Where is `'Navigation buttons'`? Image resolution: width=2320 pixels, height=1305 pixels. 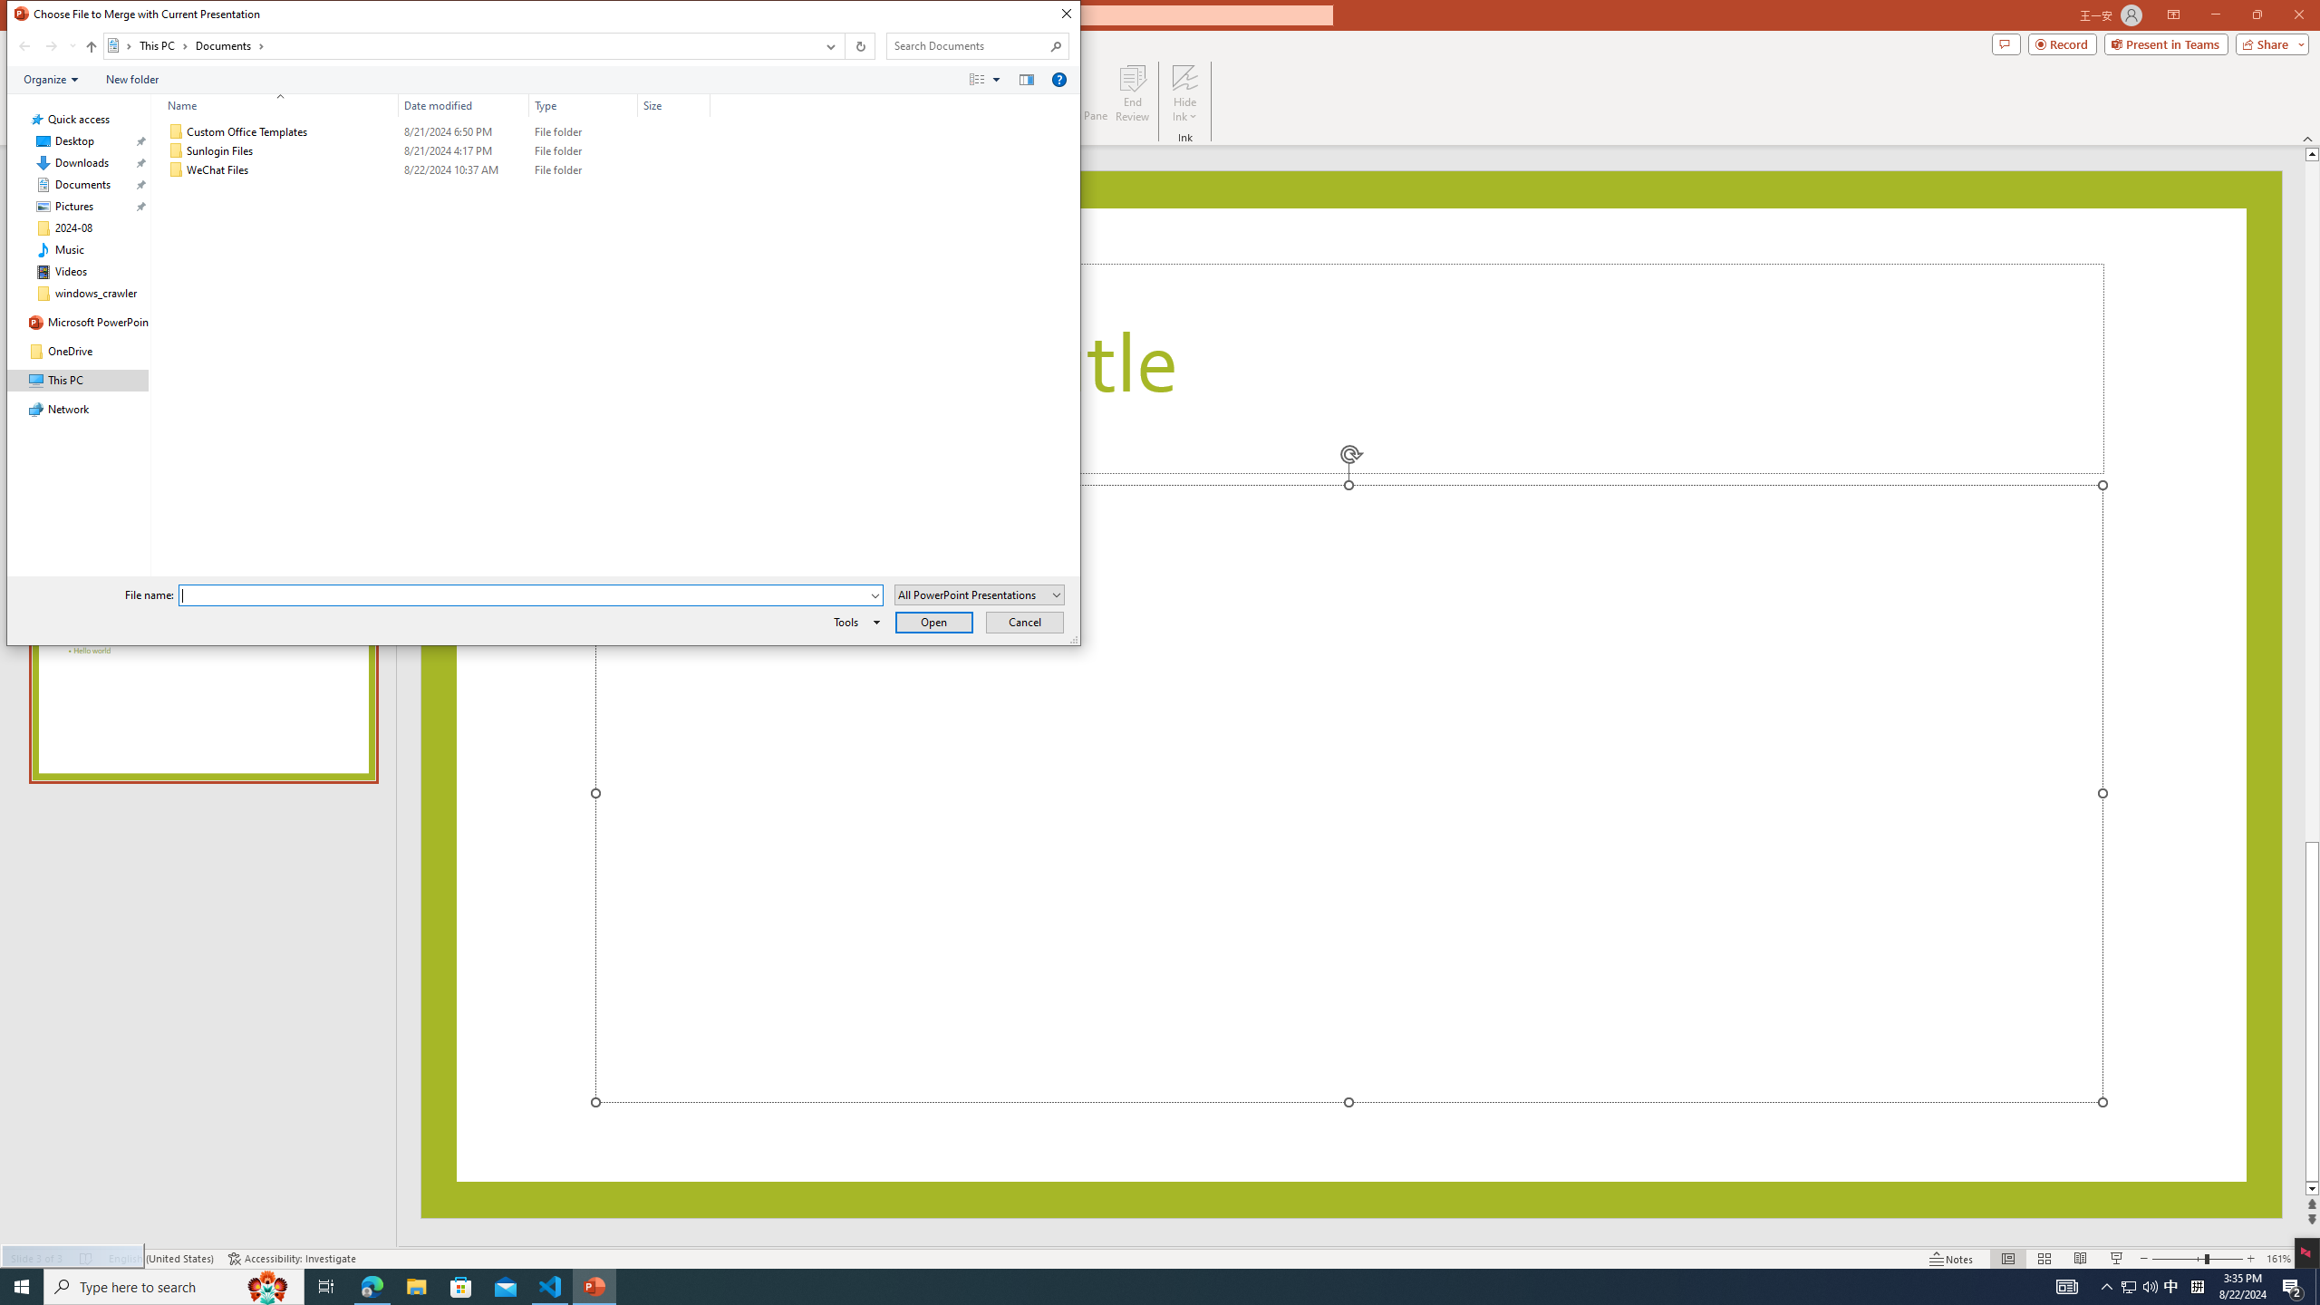
'Navigation buttons' is located at coordinates (45, 45).